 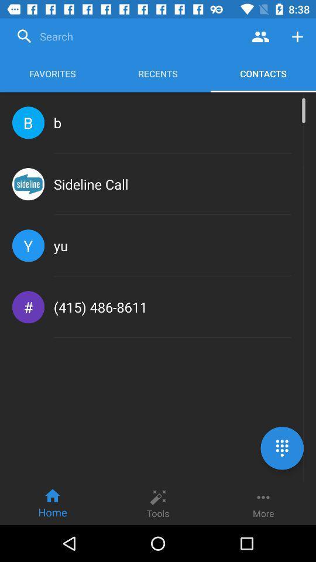 What do you see at coordinates (100, 306) in the screenshot?
I see `(415) 486-8611` at bounding box center [100, 306].